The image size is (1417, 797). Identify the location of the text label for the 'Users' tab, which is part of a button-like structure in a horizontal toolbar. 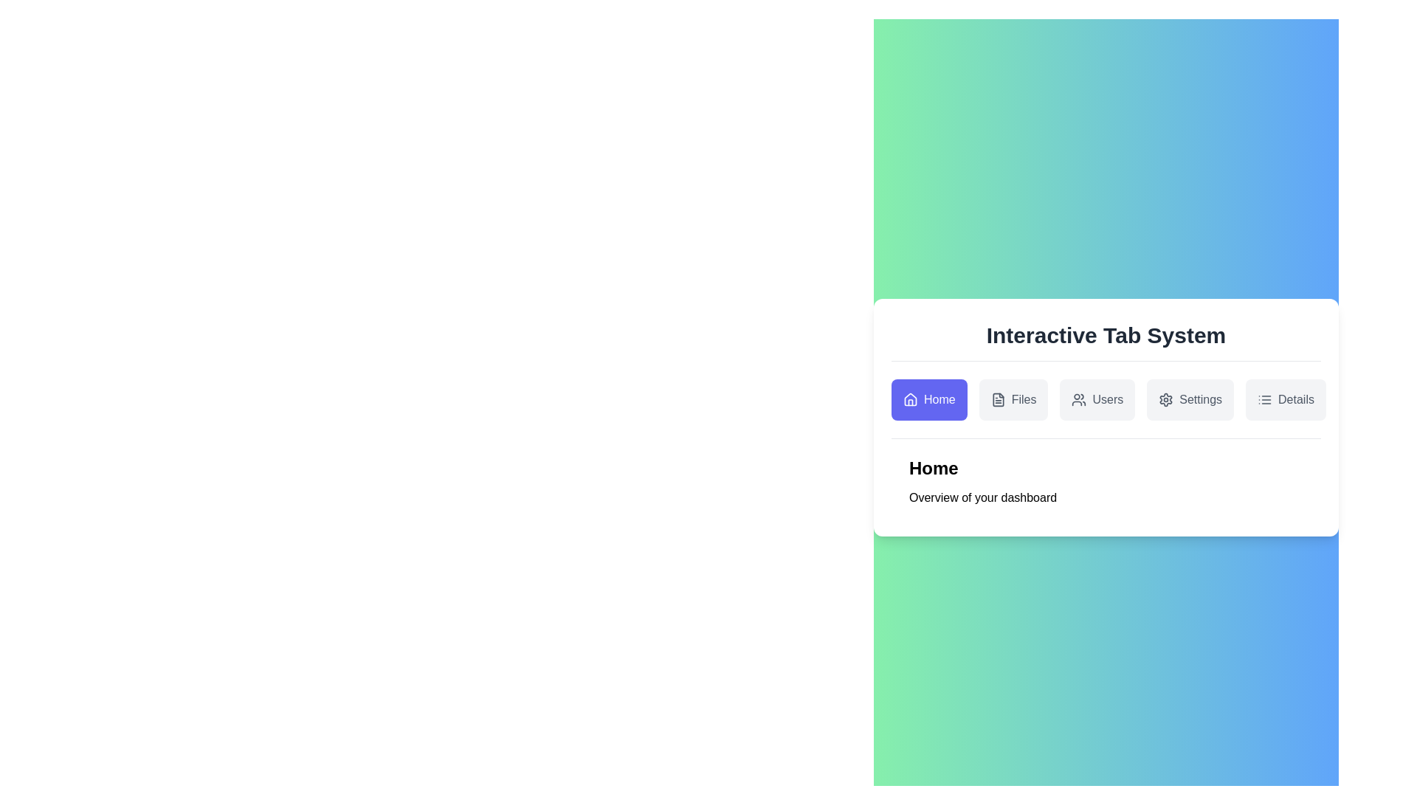
(1108, 400).